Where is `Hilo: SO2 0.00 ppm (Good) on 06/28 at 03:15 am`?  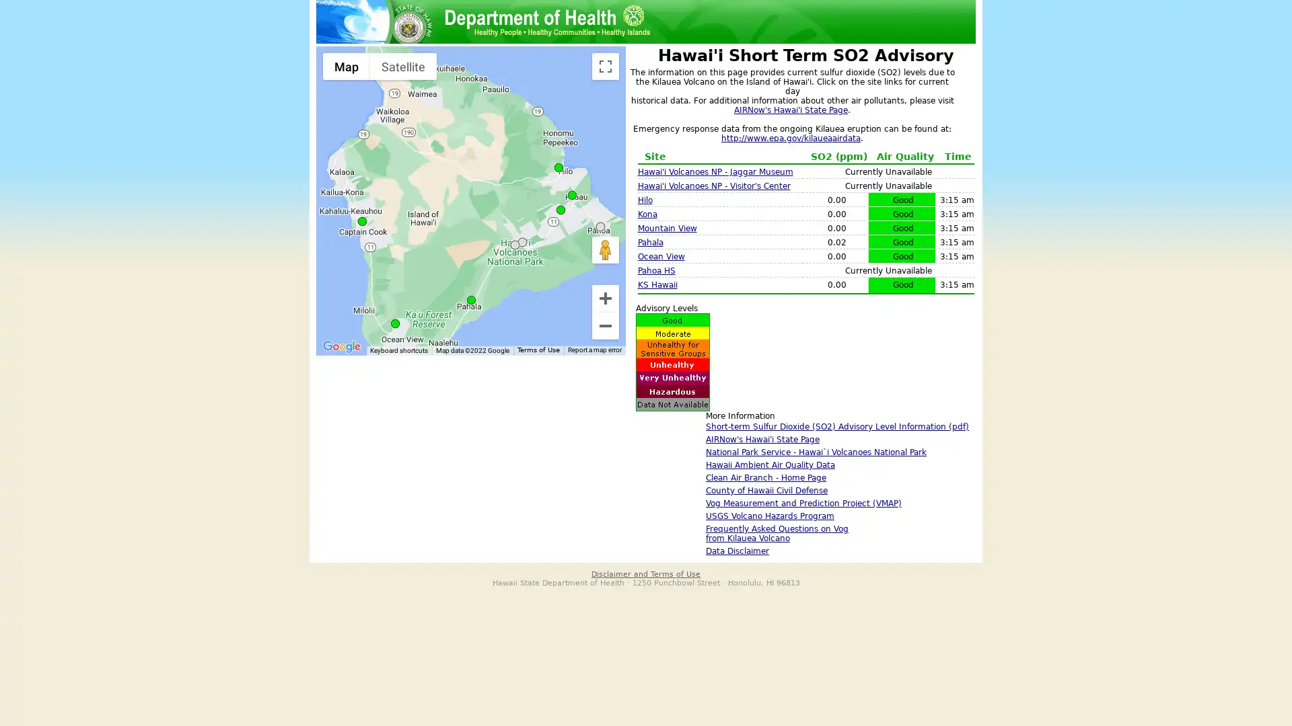
Hilo: SO2 0.00 ppm (Good) on 06/28 at 03:15 am is located at coordinates (559, 167).